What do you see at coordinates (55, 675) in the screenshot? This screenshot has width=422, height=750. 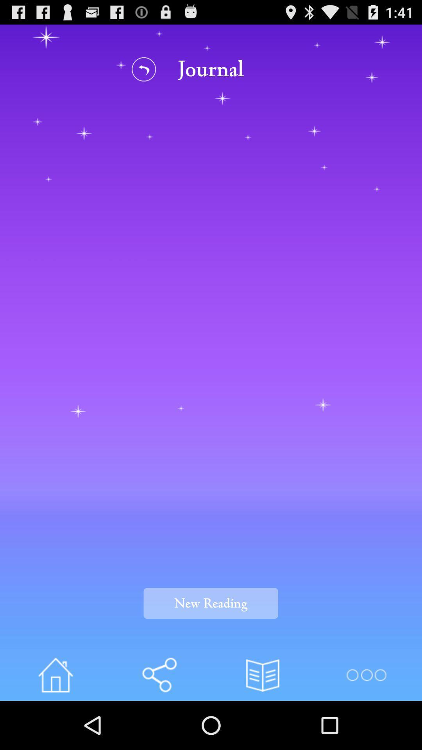 I see `home button` at bounding box center [55, 675].